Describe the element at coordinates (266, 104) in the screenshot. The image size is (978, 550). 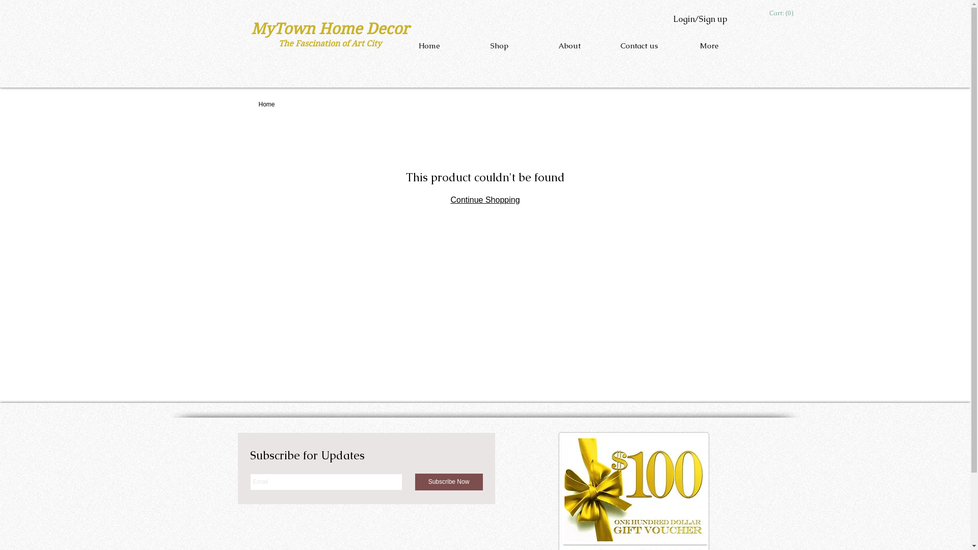
I see `'Home'` at that location.